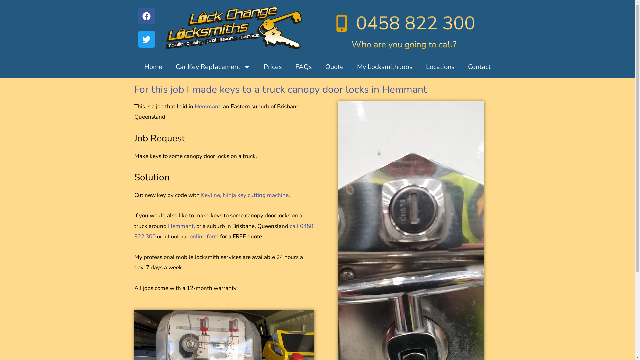 The width and height of the screenshot is (640, 360). I want to click on '0458 822 300', so click(404, 23).